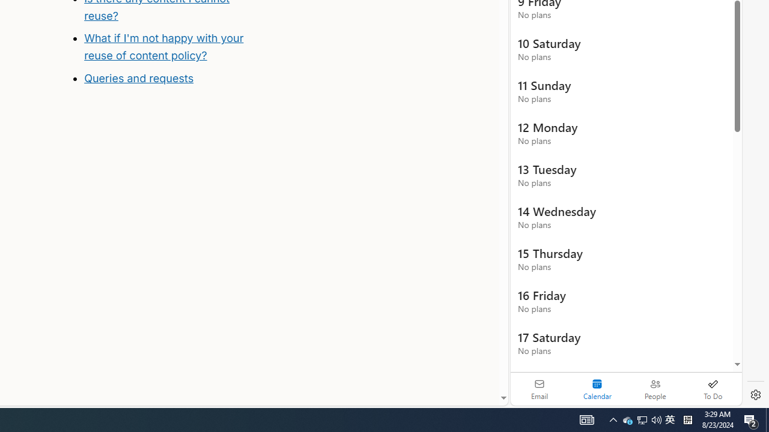 The width and height of the screenshot is (769, 432). I want to click on 'Queries and requests', so click(139, 79).